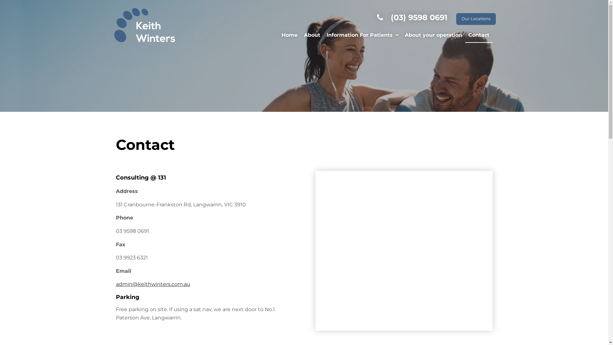 The width and height of the screenshot is (613, 345). I want to click on 'Contact', so click(478, 35).